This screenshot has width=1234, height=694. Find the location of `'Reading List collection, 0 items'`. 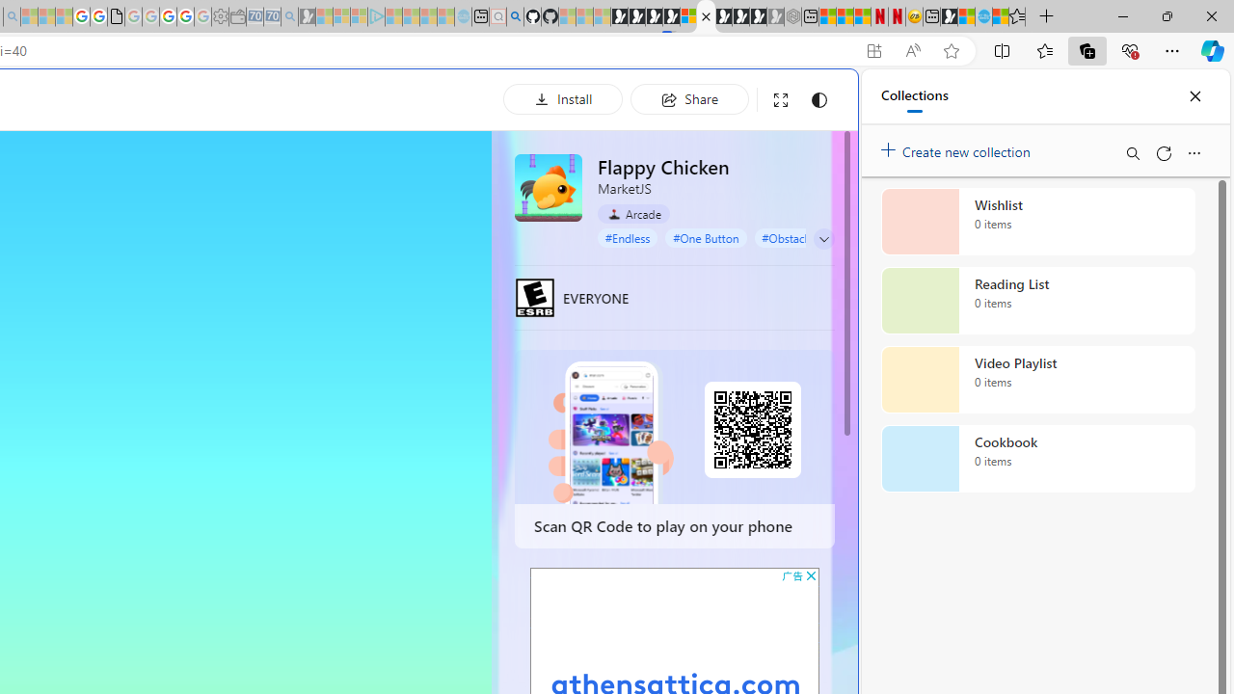

'Reading List collection, 0 items' is located at coordinates (1037, 301).